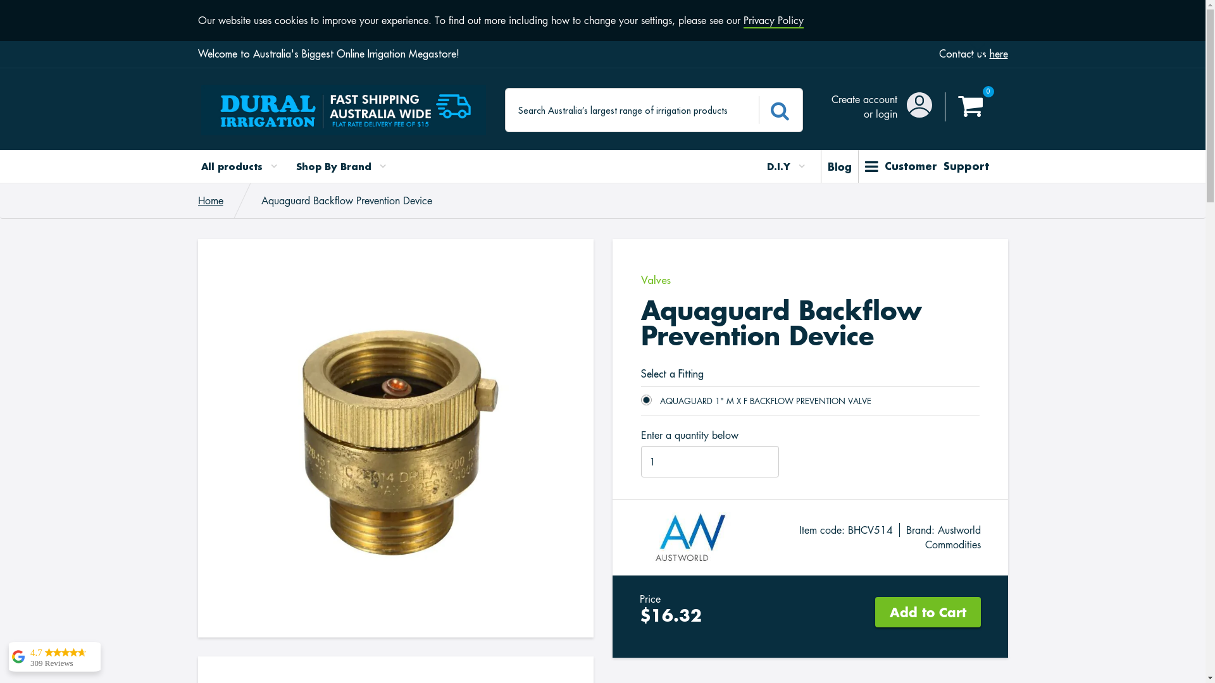  Describe the element at coordinates (758, 109) in the screenshot. I see `'Search'` at that location.